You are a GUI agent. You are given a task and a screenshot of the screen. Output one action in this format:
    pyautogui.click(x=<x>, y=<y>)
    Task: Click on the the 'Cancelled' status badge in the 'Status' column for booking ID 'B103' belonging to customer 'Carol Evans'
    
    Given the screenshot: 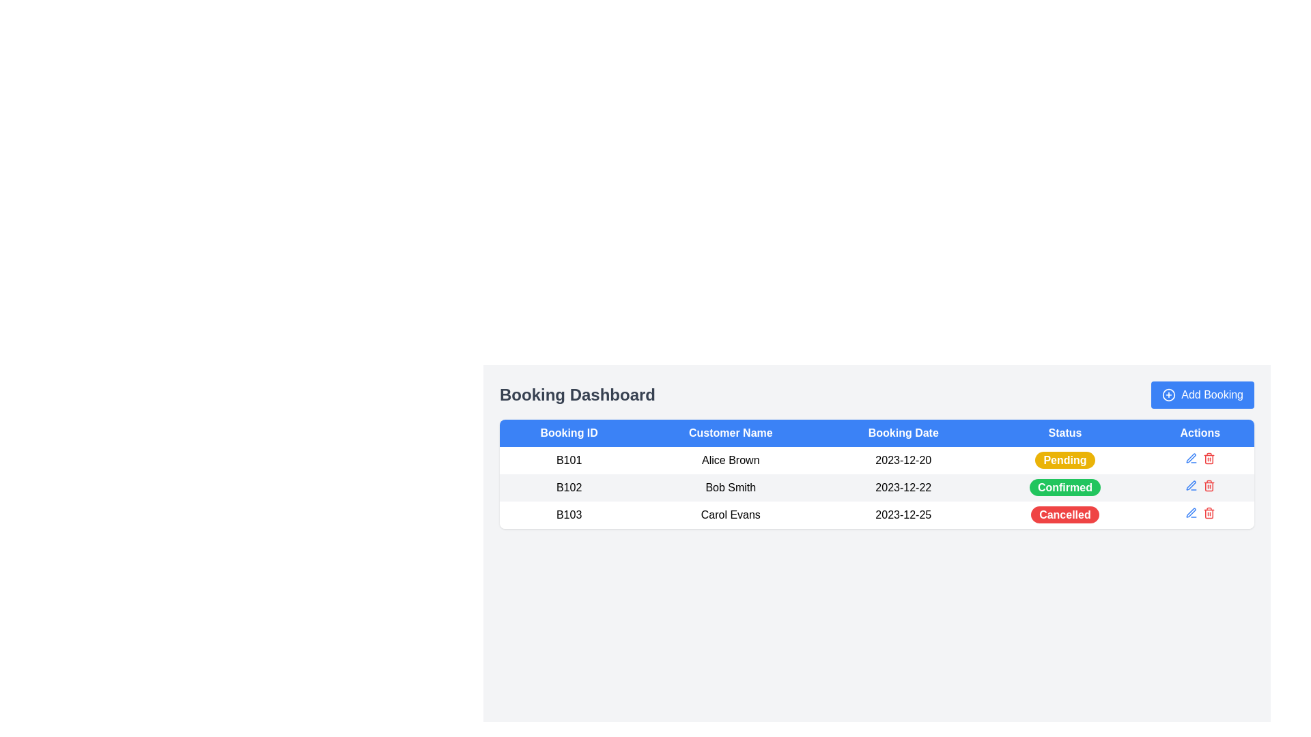 What is the action you would take?
    pyautogui.click(x=1065, y=515)
    